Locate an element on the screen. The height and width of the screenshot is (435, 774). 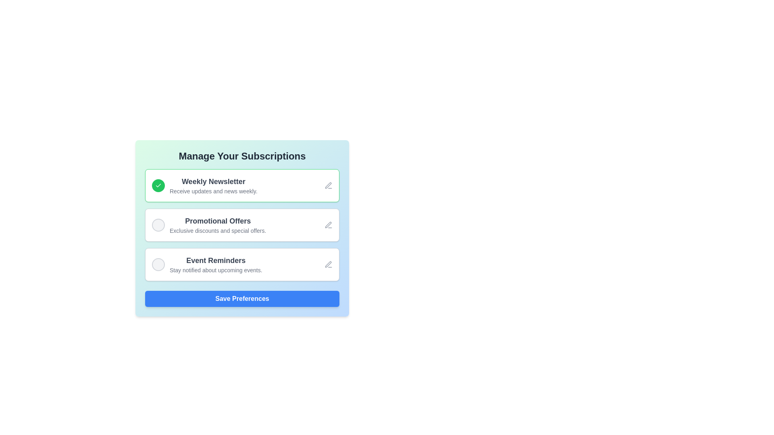
the Interactive toggle or selection button for 'Event Reminders' is located at coordinates (158, 264).